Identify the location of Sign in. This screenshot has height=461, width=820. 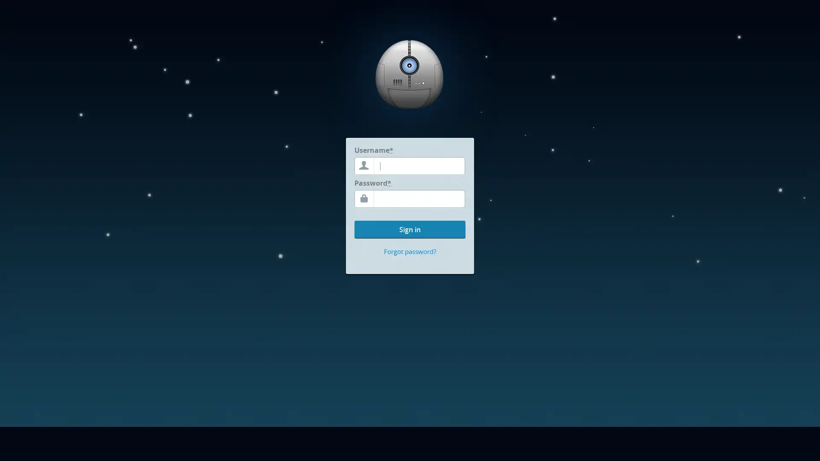
(410, 229).